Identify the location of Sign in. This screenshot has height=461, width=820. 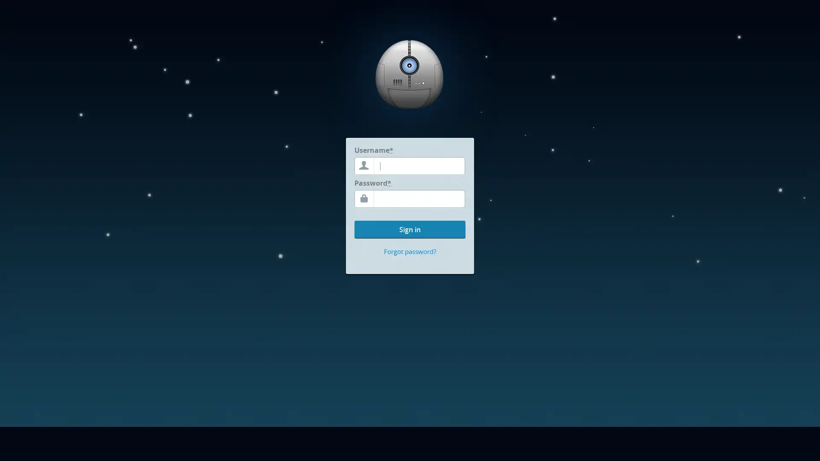
(410, 229).